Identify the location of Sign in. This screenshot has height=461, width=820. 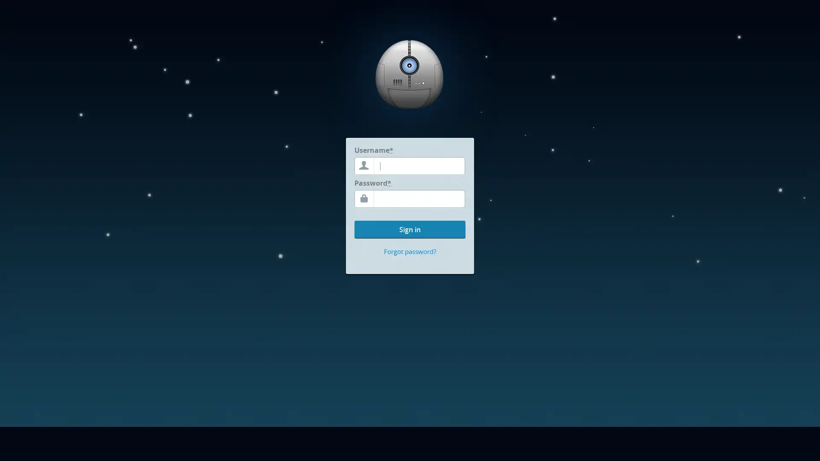
(410, 229).